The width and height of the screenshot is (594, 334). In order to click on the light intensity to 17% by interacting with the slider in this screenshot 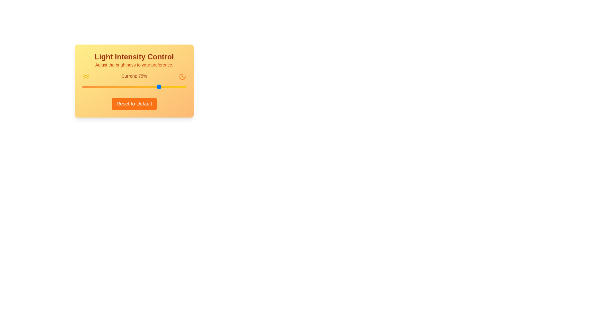, I will do `click(100, 87)`.